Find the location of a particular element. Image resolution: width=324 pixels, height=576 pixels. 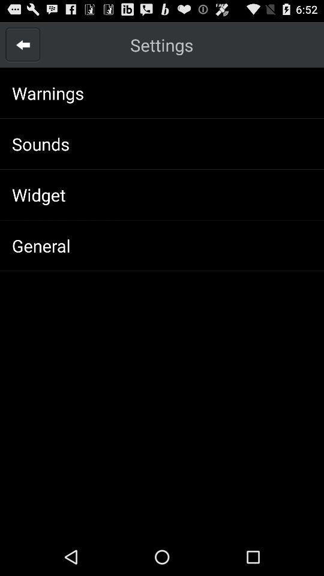

a back button is located at coordinates (23, 44).